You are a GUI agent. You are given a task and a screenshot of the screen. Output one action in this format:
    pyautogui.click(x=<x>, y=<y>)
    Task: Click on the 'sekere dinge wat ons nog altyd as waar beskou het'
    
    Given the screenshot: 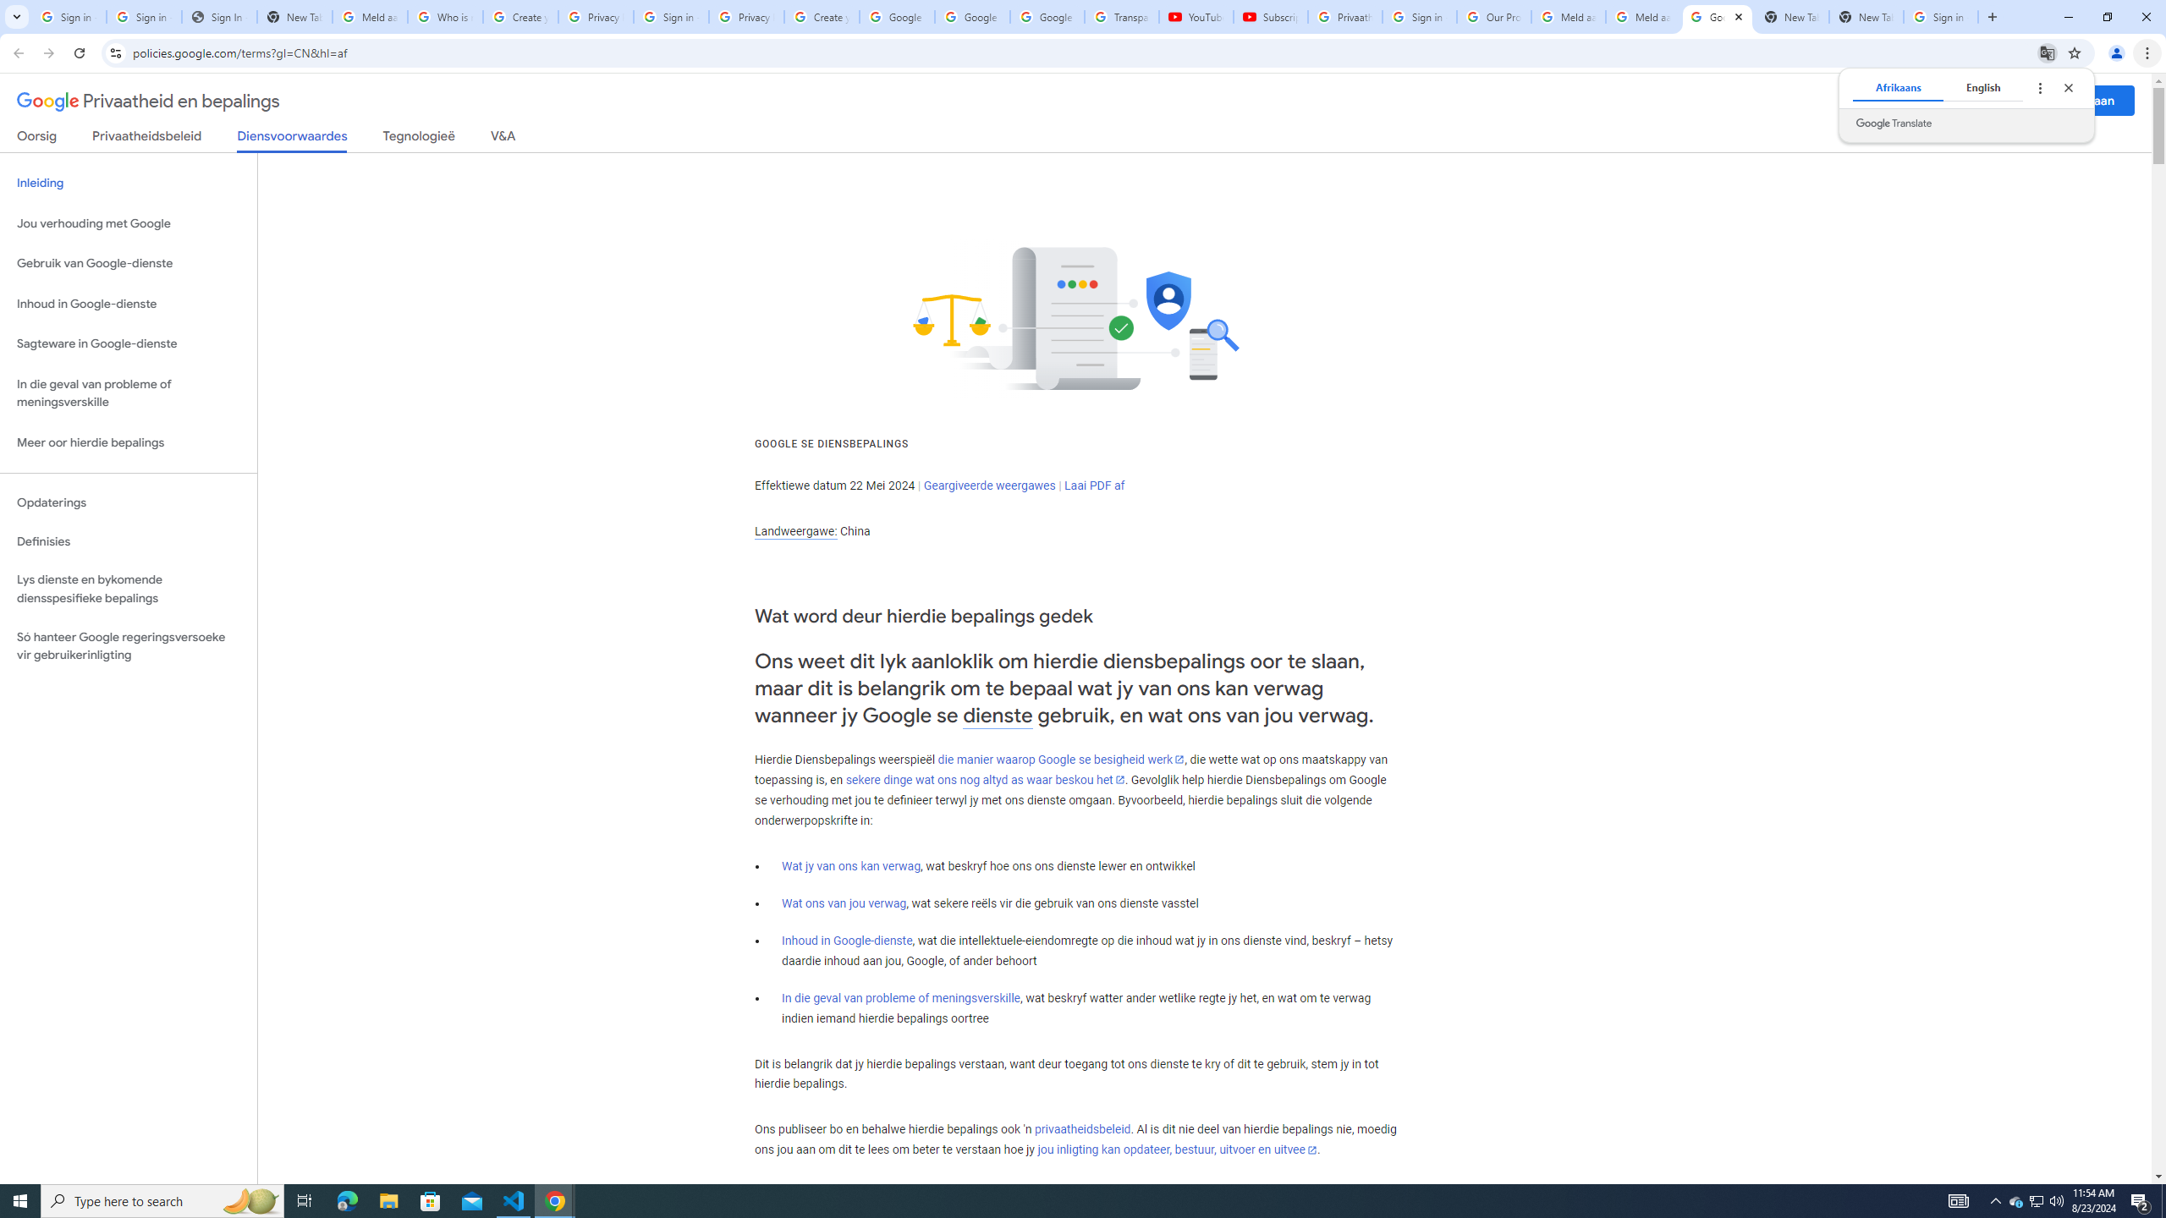 What is the action you would take?
    pyautogui.click(x=984, y=780)
    